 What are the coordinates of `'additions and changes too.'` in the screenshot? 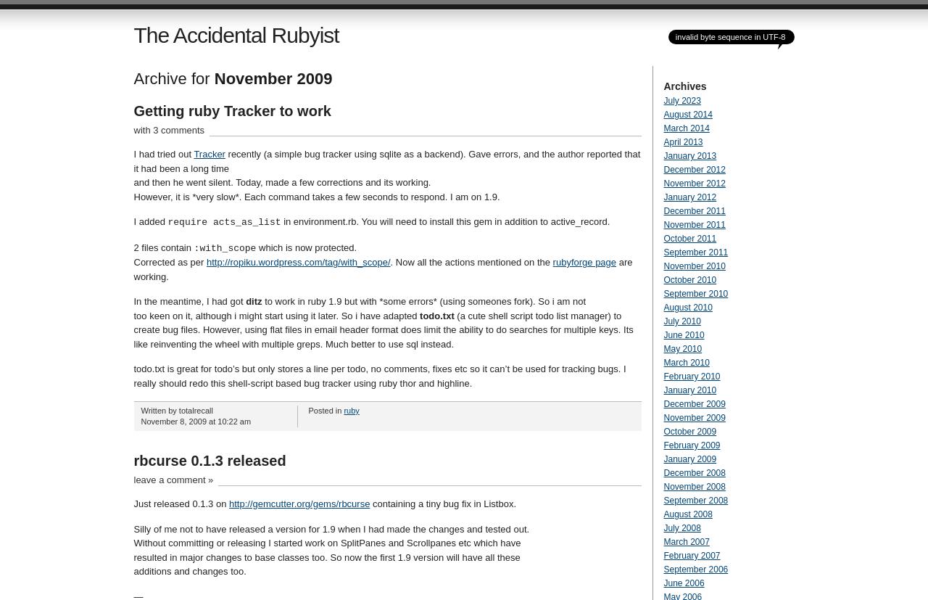 It's located at (133, 571).